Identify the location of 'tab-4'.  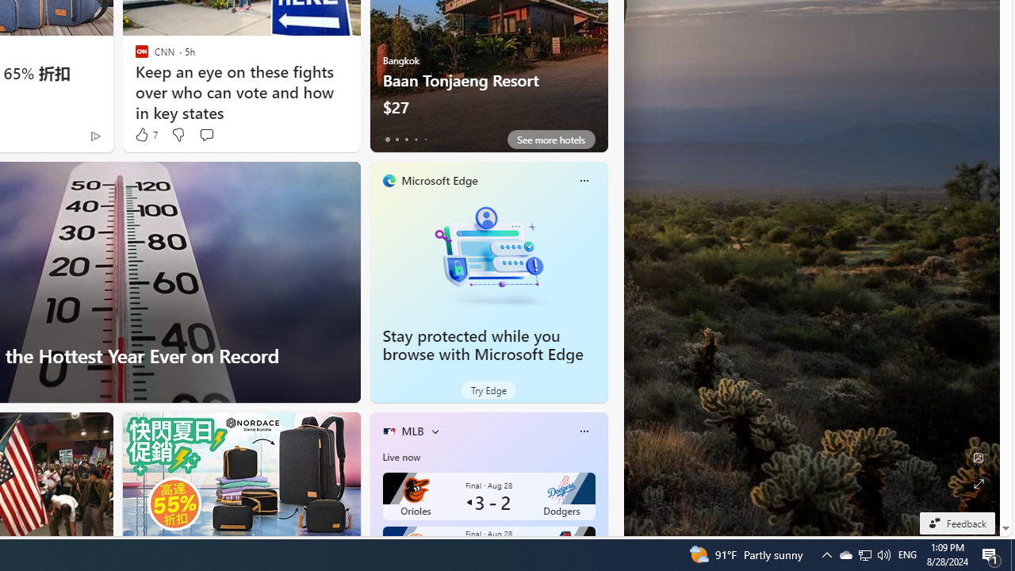
(425, 139).